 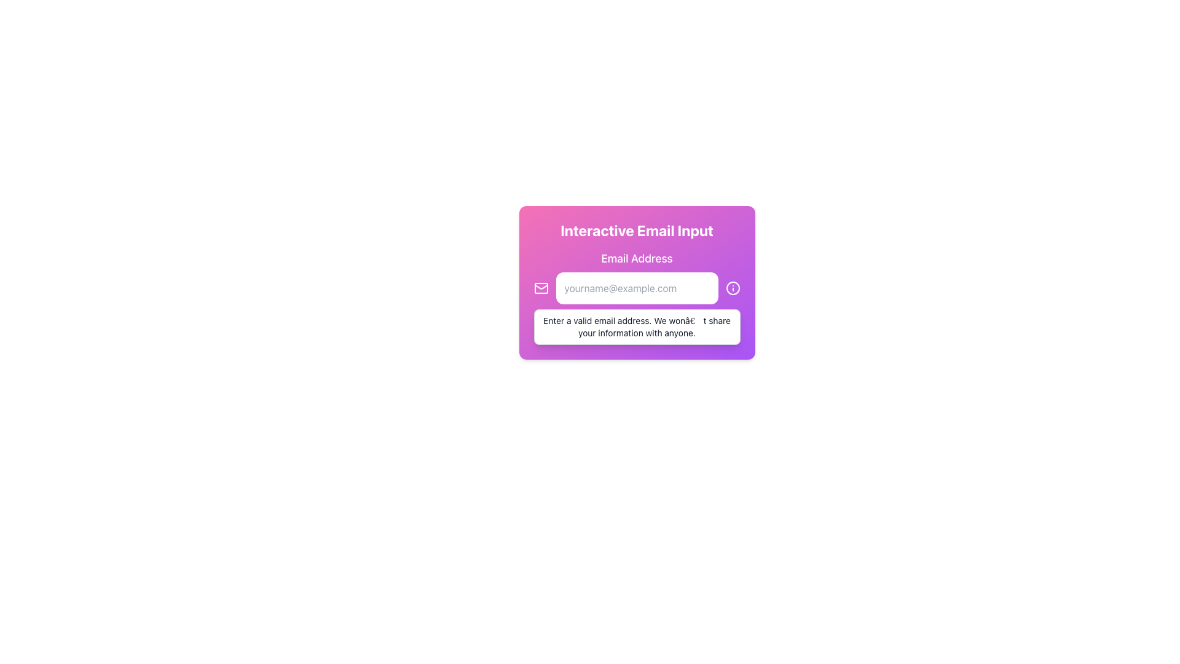 I want to click on the triangular shape within the mail envelope icon, which is located to the left of the 'Email Address' input field, so click(x=541, y=287).